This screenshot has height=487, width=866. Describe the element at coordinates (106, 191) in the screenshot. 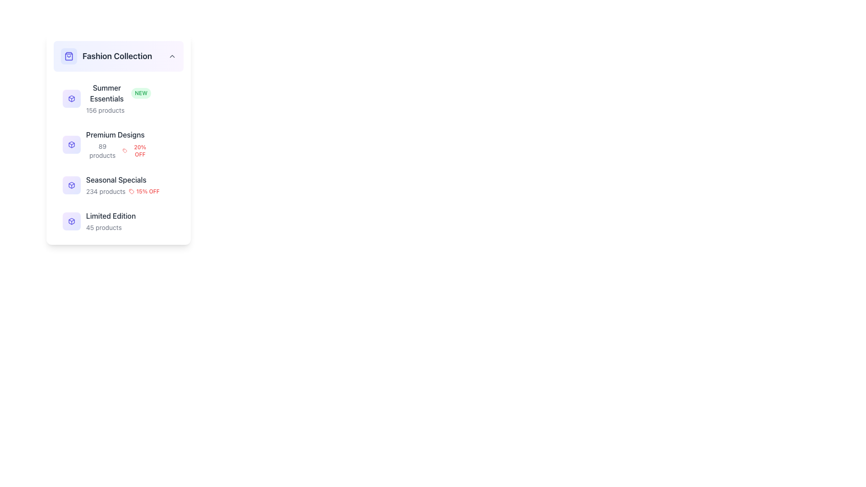

I see `information displayed in the text label that shows '234 products', which is located below 'Seasonal Specials' and to the left of '15% OFF' in the 'Fashion Collection' section` at that location.